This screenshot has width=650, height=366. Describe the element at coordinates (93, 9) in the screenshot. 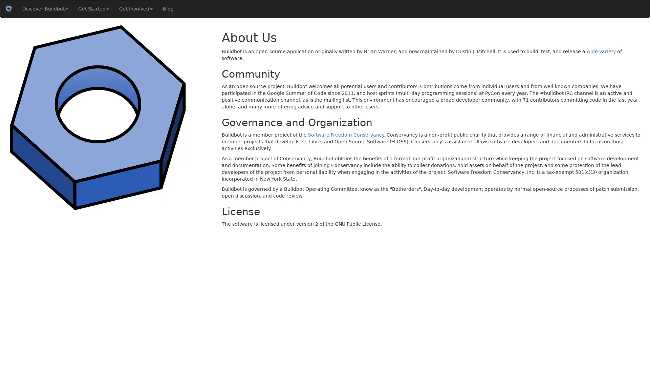

I see `Get Started` at that location.